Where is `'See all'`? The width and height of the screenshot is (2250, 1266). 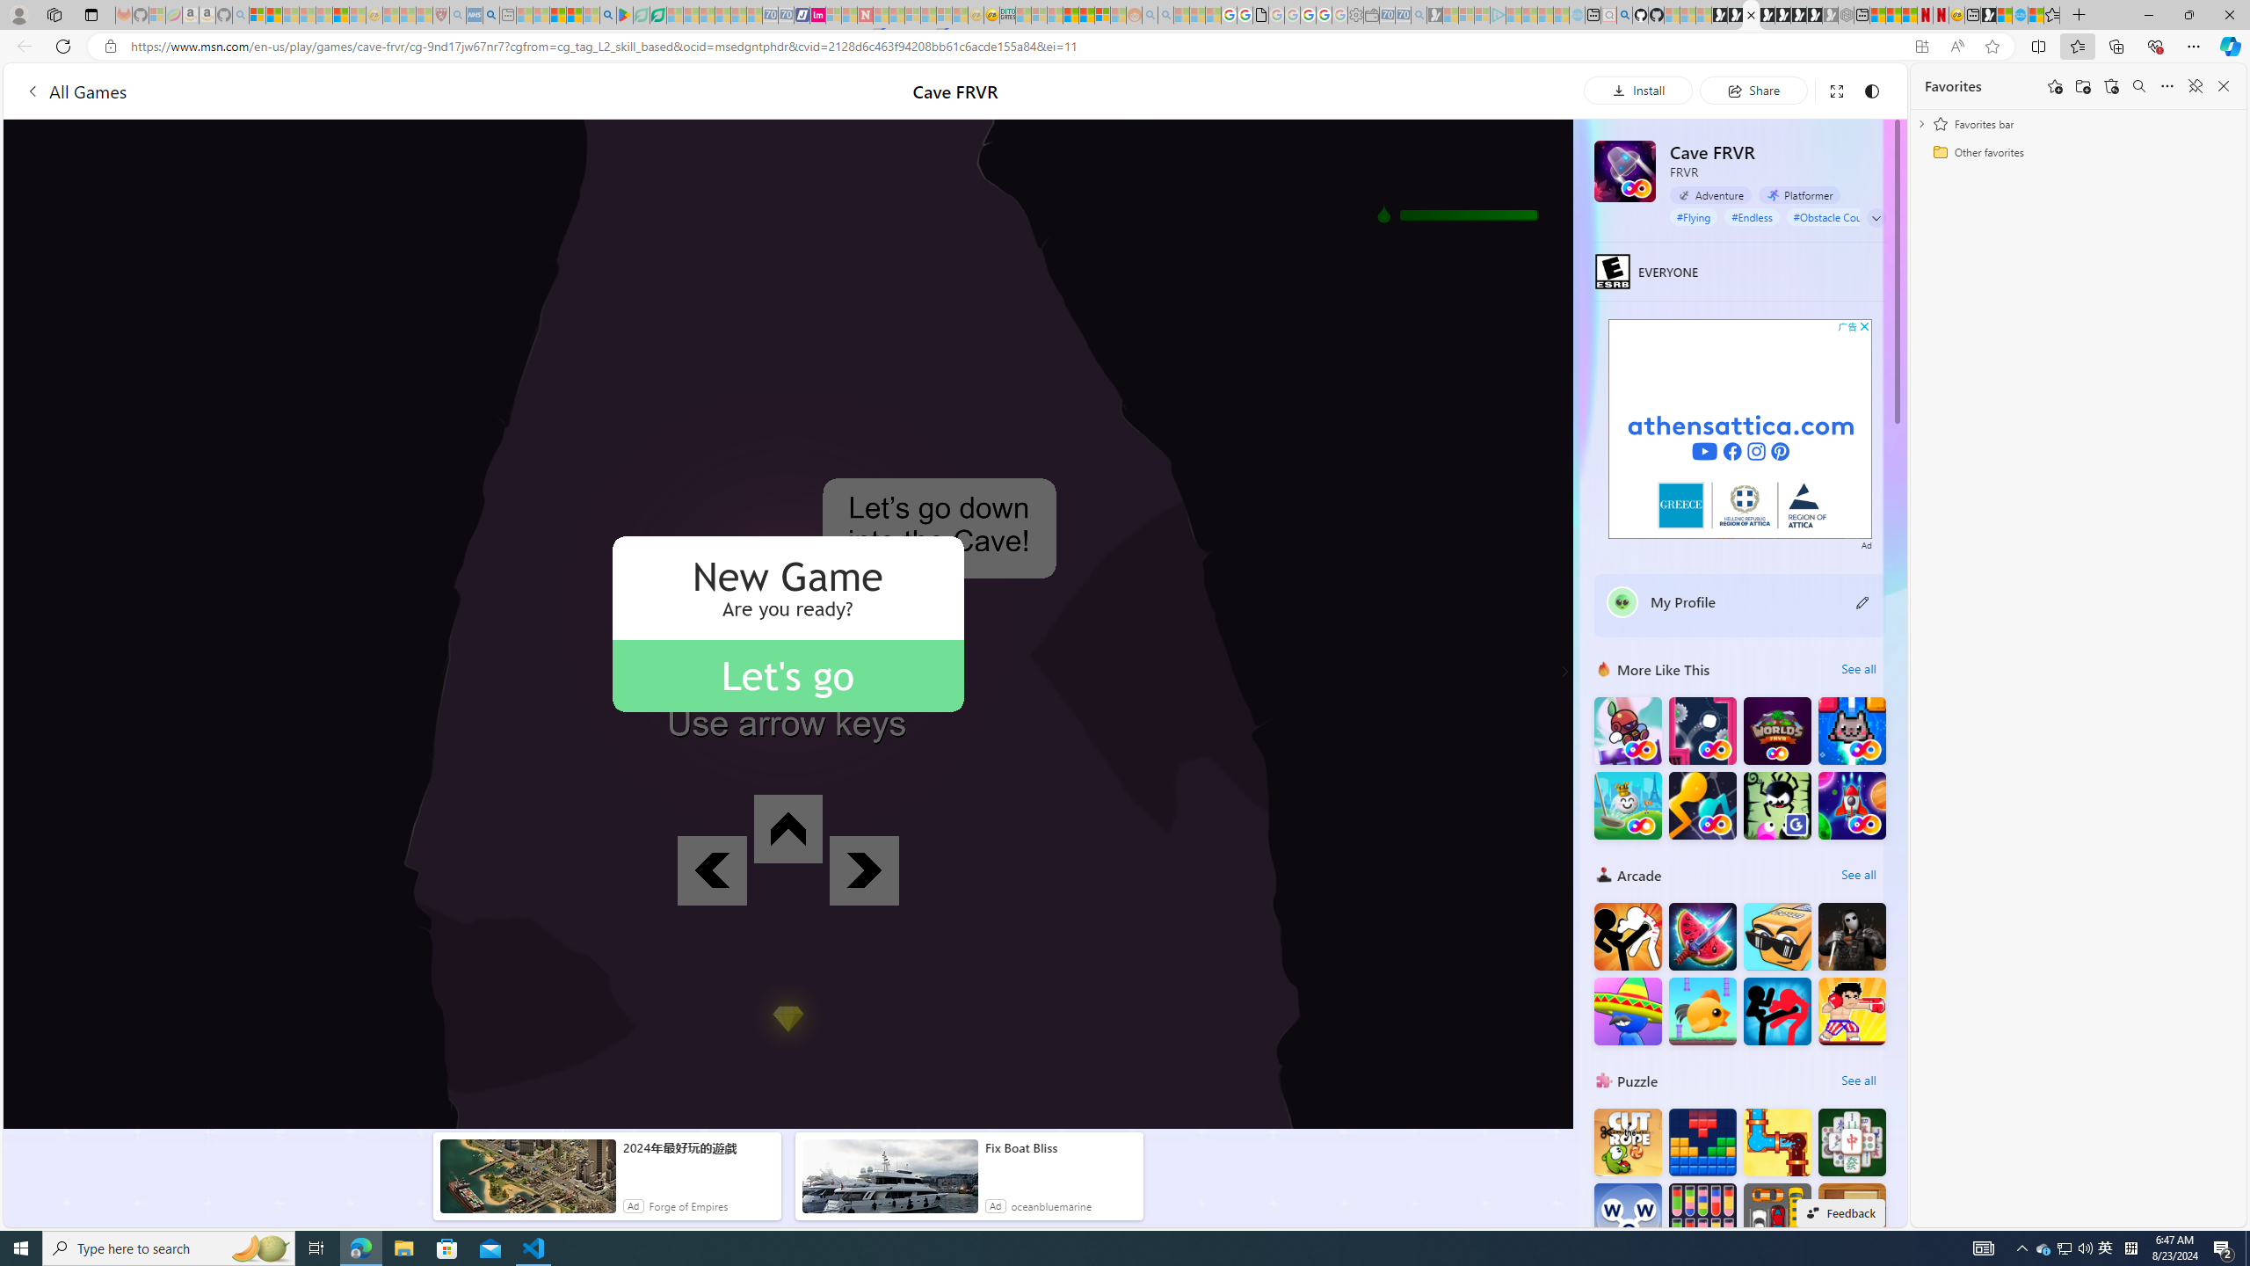 'See all' is located at coordinates (1857, 1080).